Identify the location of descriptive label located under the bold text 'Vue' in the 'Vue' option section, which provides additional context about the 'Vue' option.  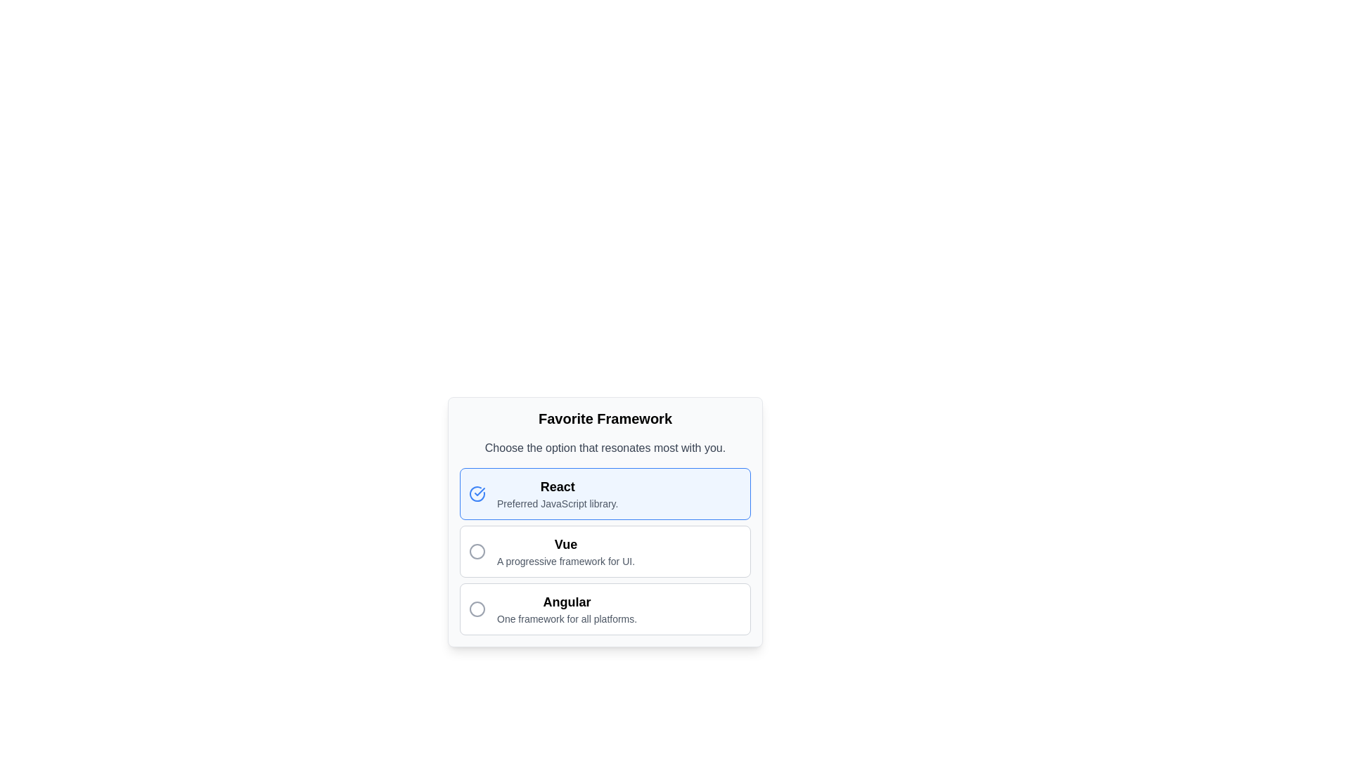
(566, 560).